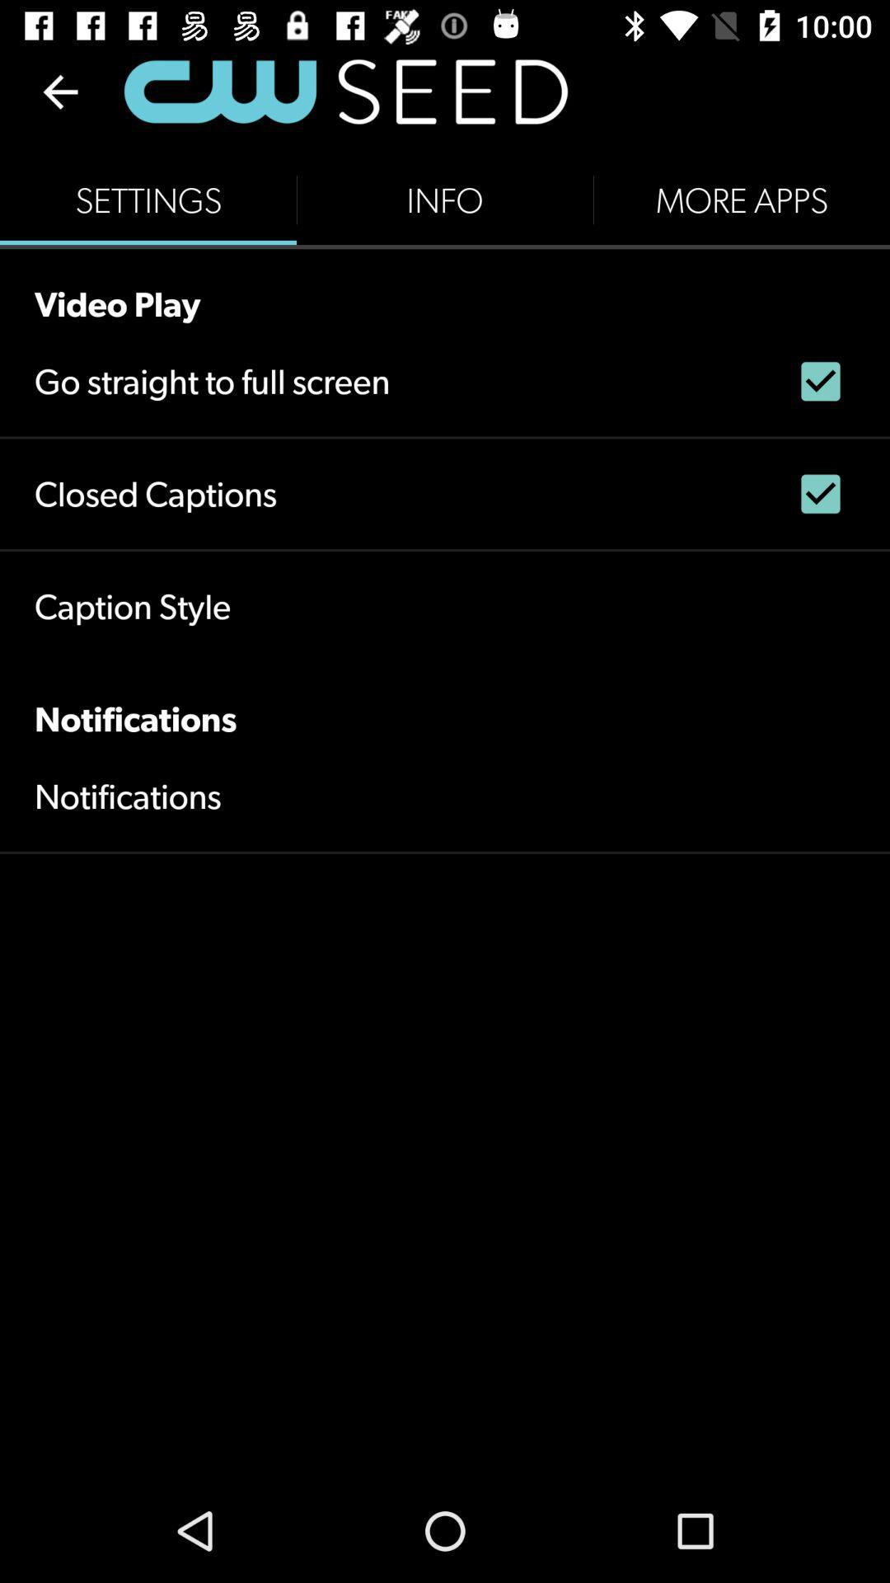 This screenshot has height=1583, width=890. Describe the element at coordinates (211, 380) in the screenshot. I see `item below the video play item` at that location.